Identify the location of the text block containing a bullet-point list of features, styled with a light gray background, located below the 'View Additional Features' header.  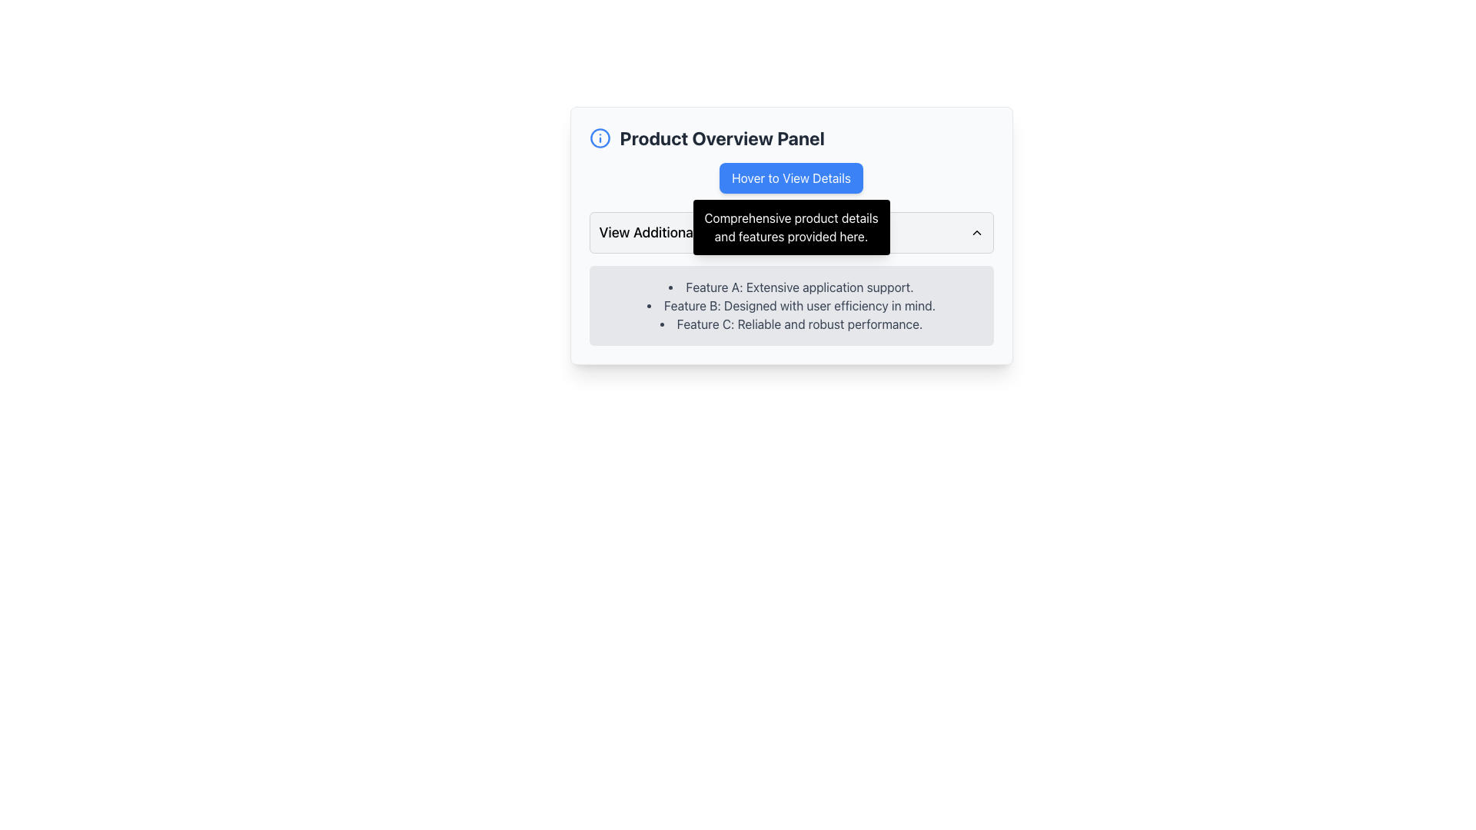
(791, 305).